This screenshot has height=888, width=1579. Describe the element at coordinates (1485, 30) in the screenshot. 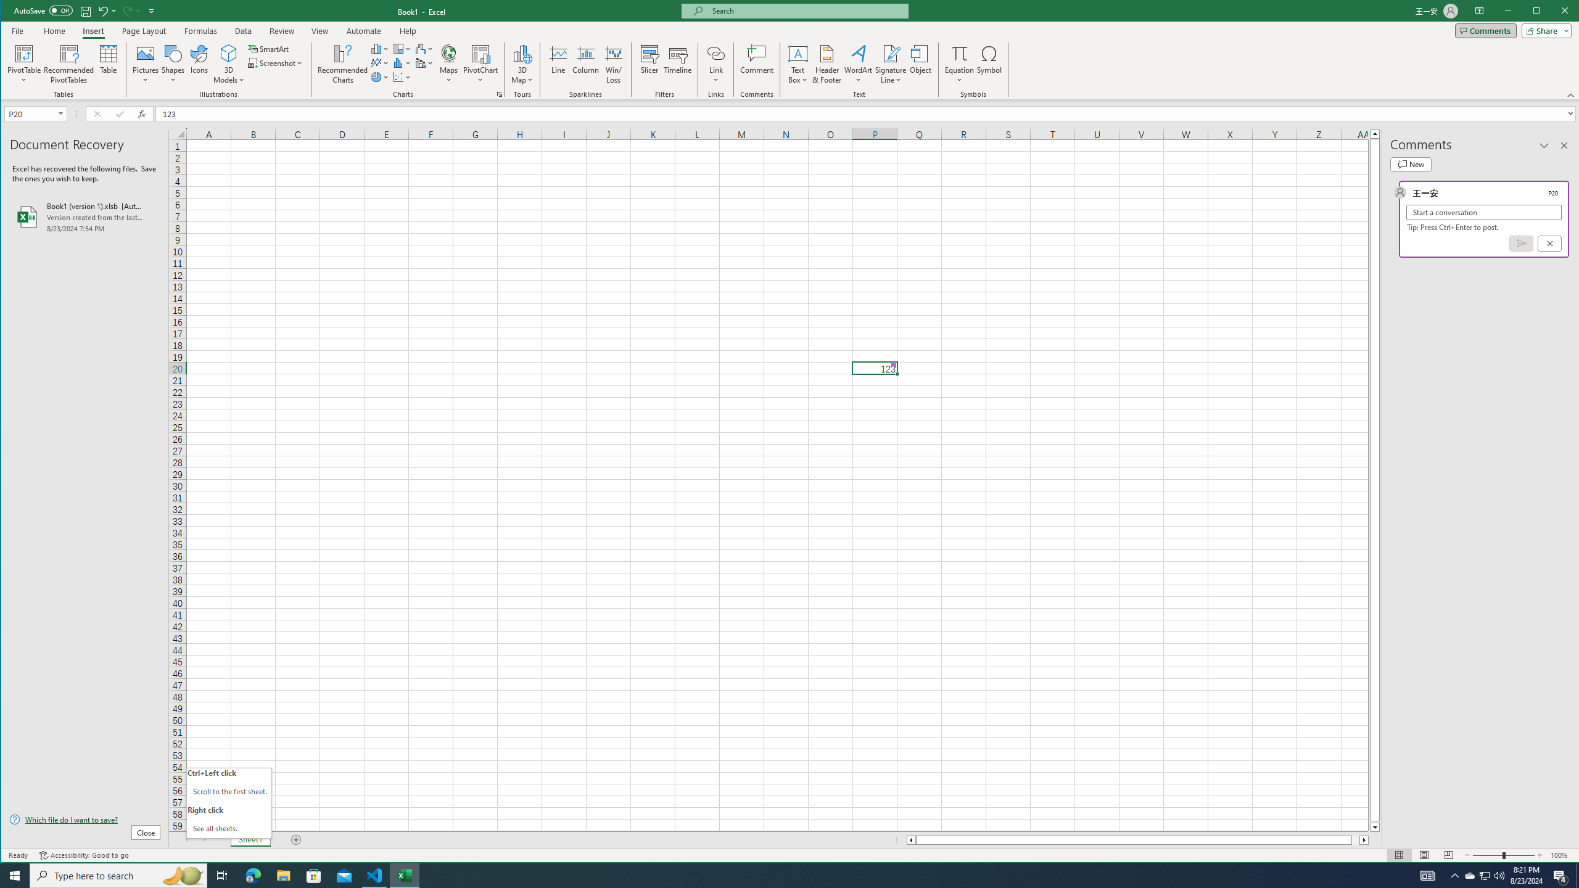

I see `'Comments'` at that location.